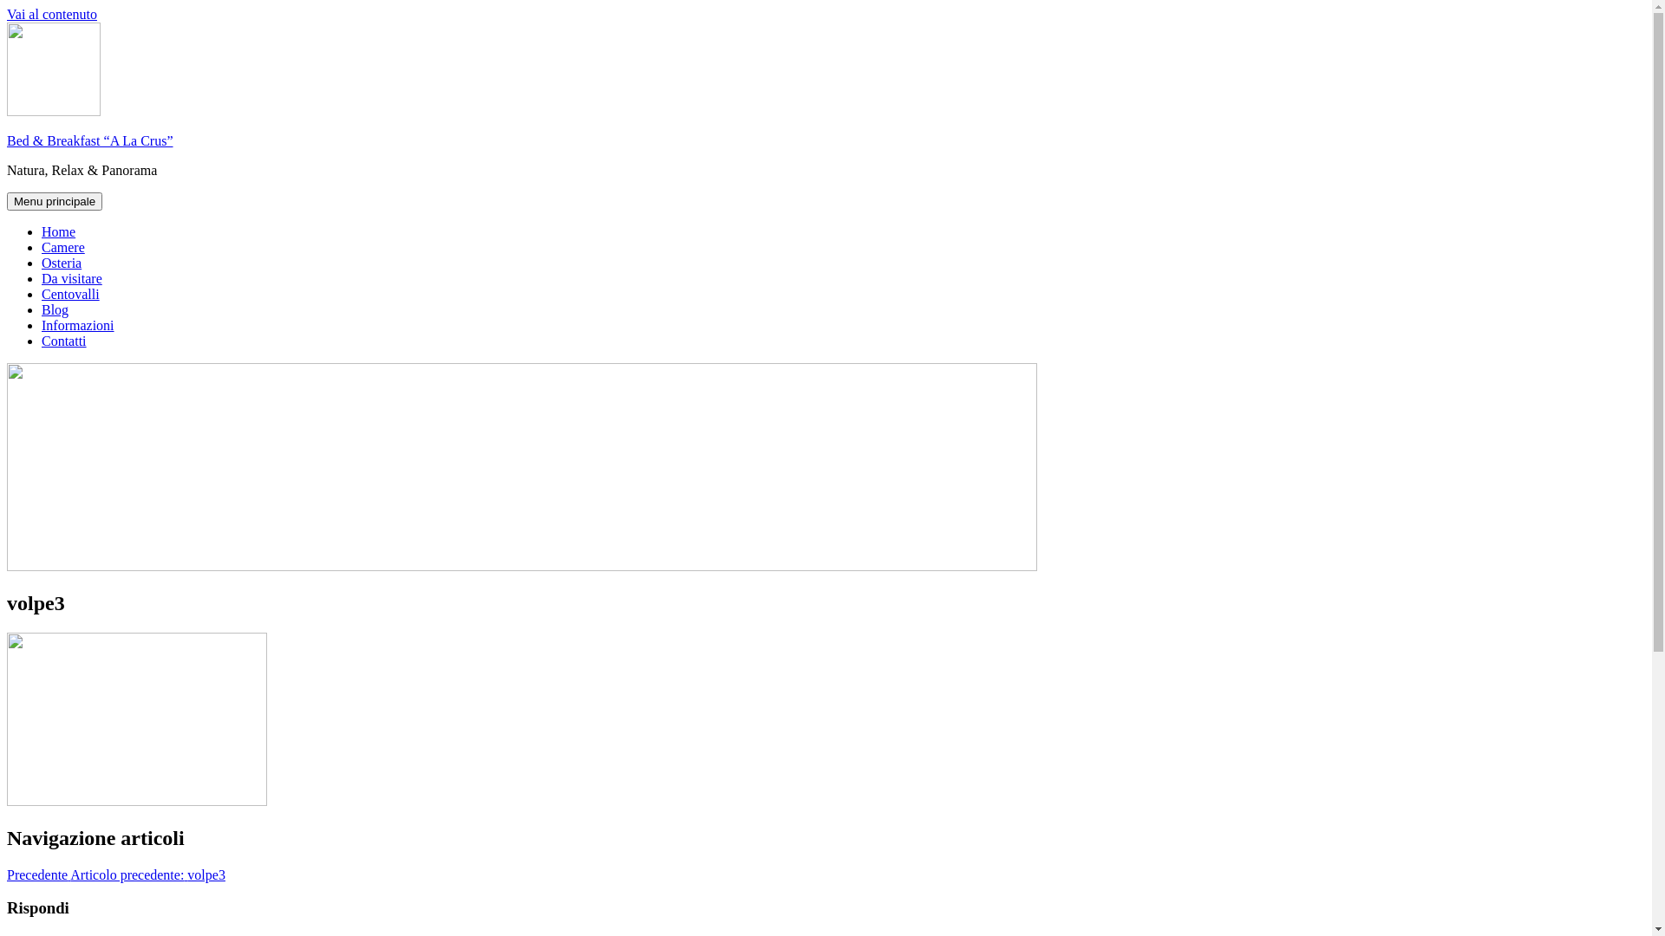 This screenshot has width=1665, height=936. Describe the element at coordinates (51, 14) in the screenshot. I see `'Vai al contenuto'` at that location.